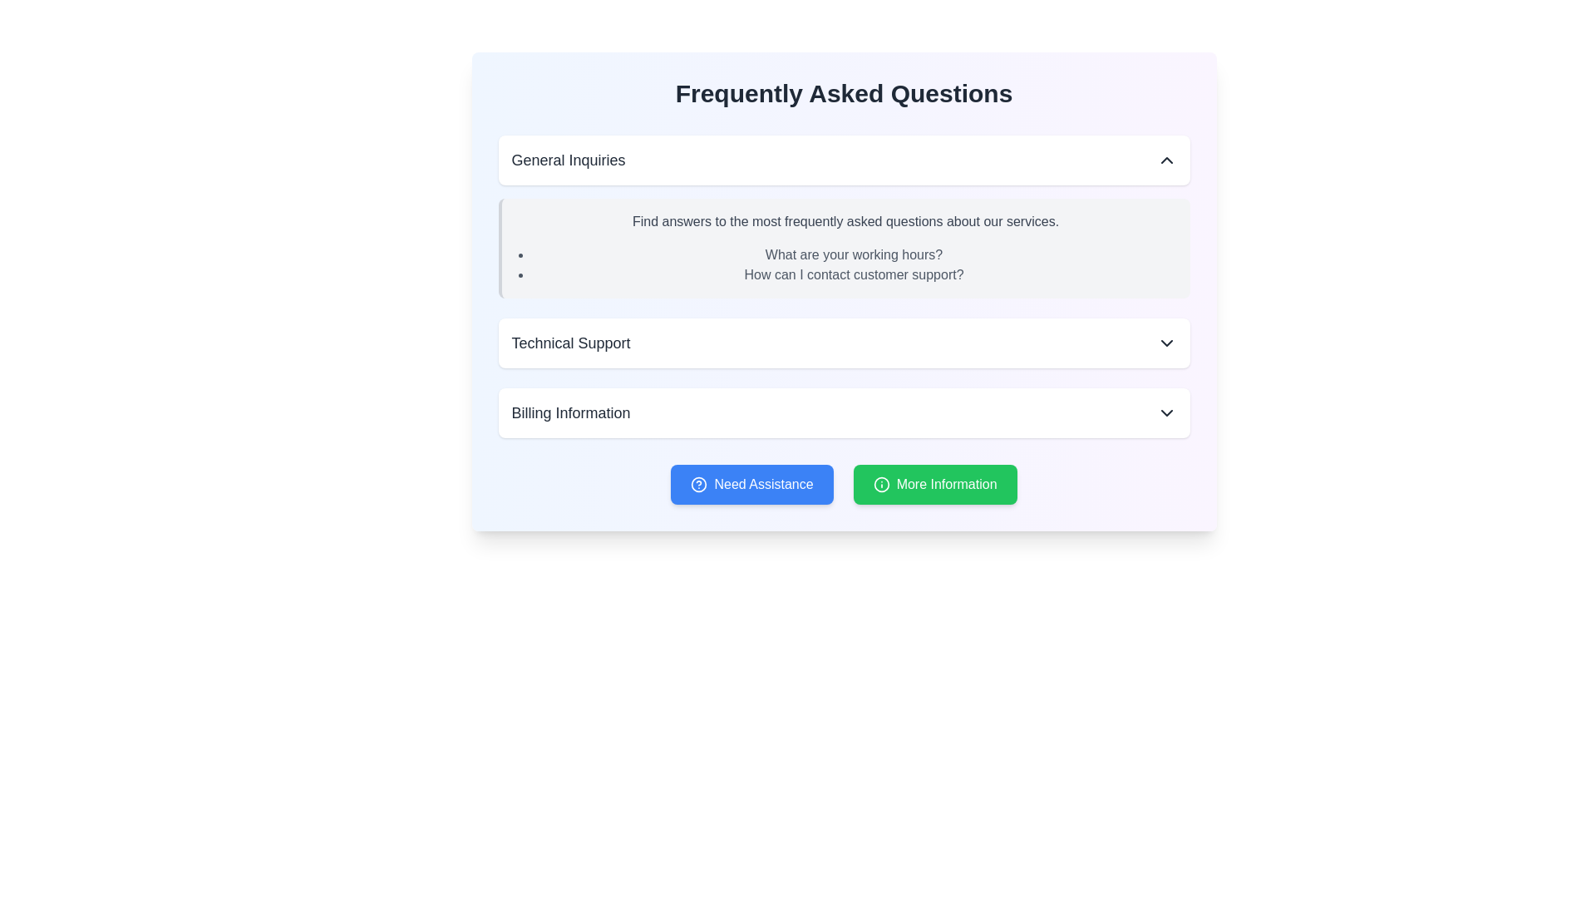 This screenshot has width=1596, height=898. Describe the element at coordinates (570, 412) in the screenshot. I see `the billing information label located under the 'Technical Support' section, which serves as a header for a dropdown or collapsible menu` at that location.